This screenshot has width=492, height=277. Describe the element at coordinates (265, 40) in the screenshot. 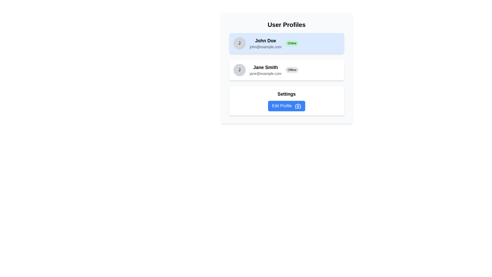

I see `the bold text label 'John Doe' located in the highlighted card at the top of the 'User Profiles' section, positioned above the email address and to the right of the circular avatar marked with 'J'` at that location.